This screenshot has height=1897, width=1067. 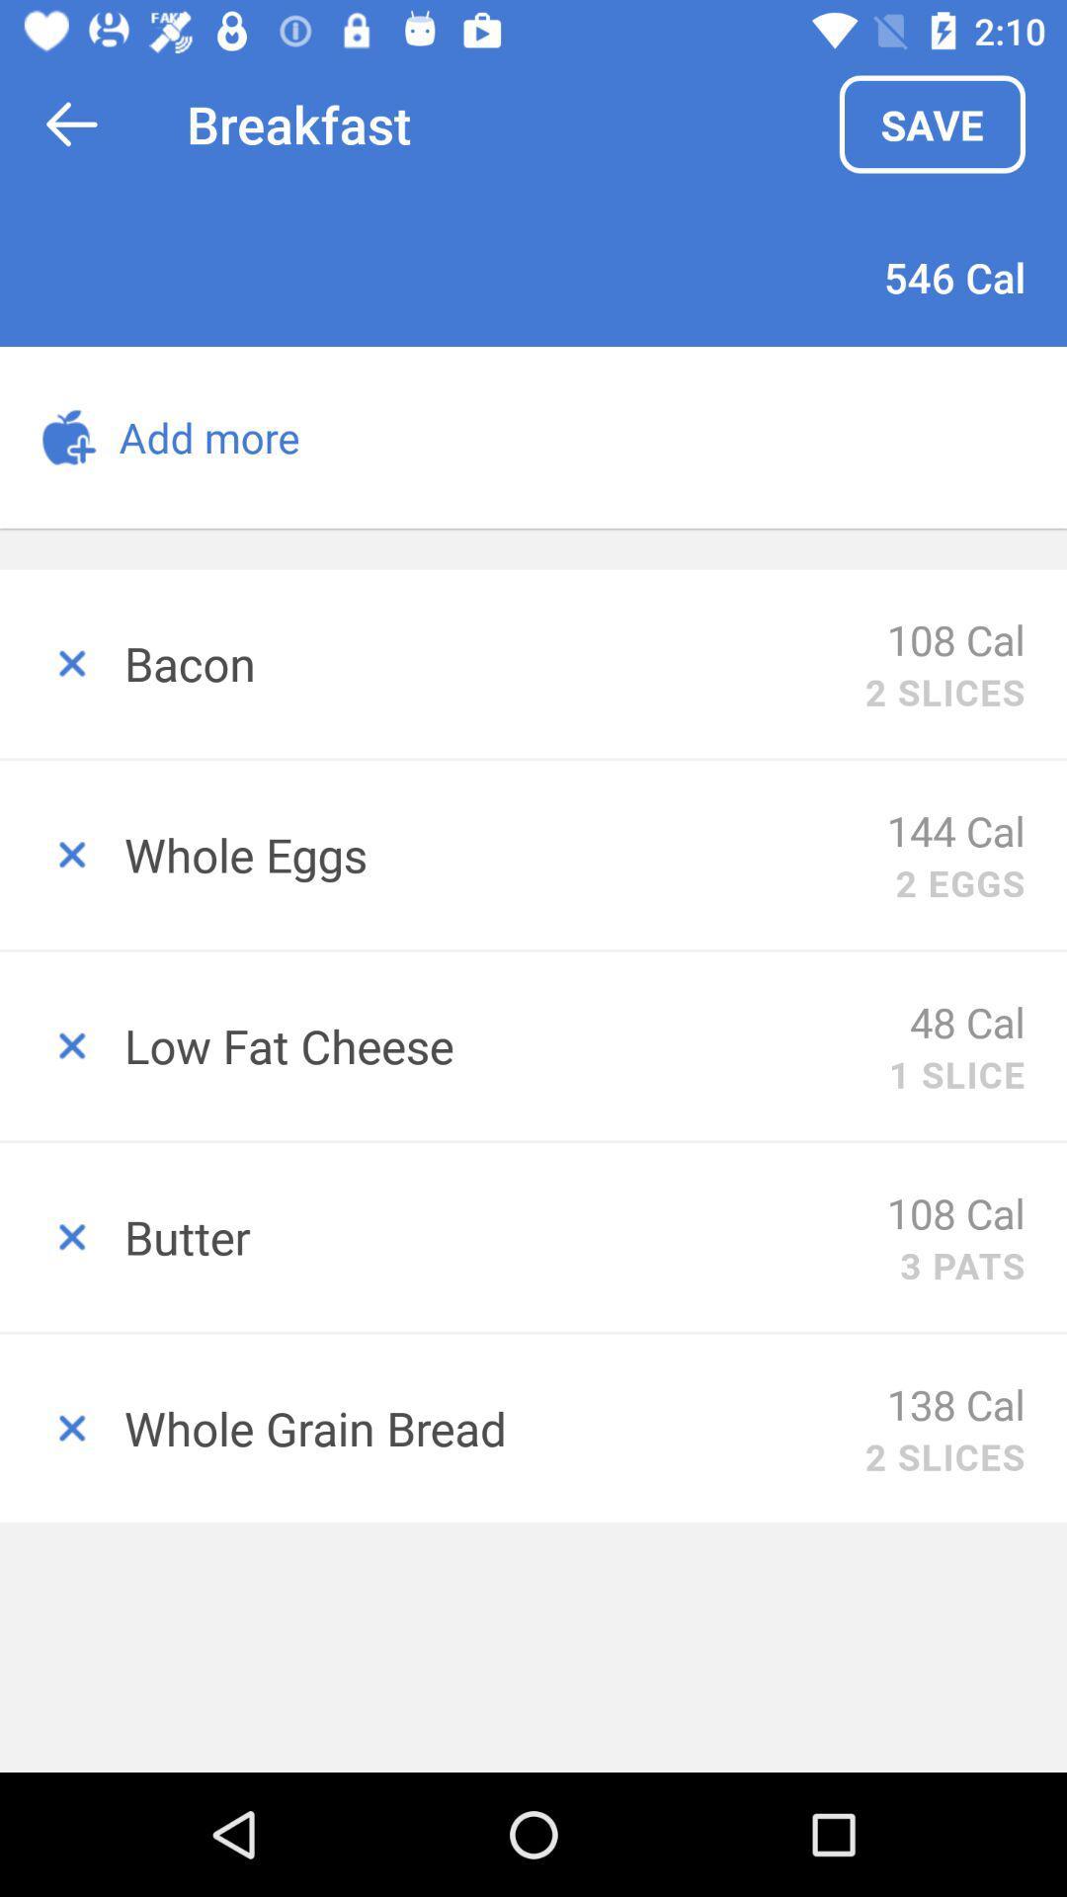 What do you see at coordinates (954, 1403) in the screenshot?
I see `the icon above 2 slices item` at bounding box center [954, 1403].